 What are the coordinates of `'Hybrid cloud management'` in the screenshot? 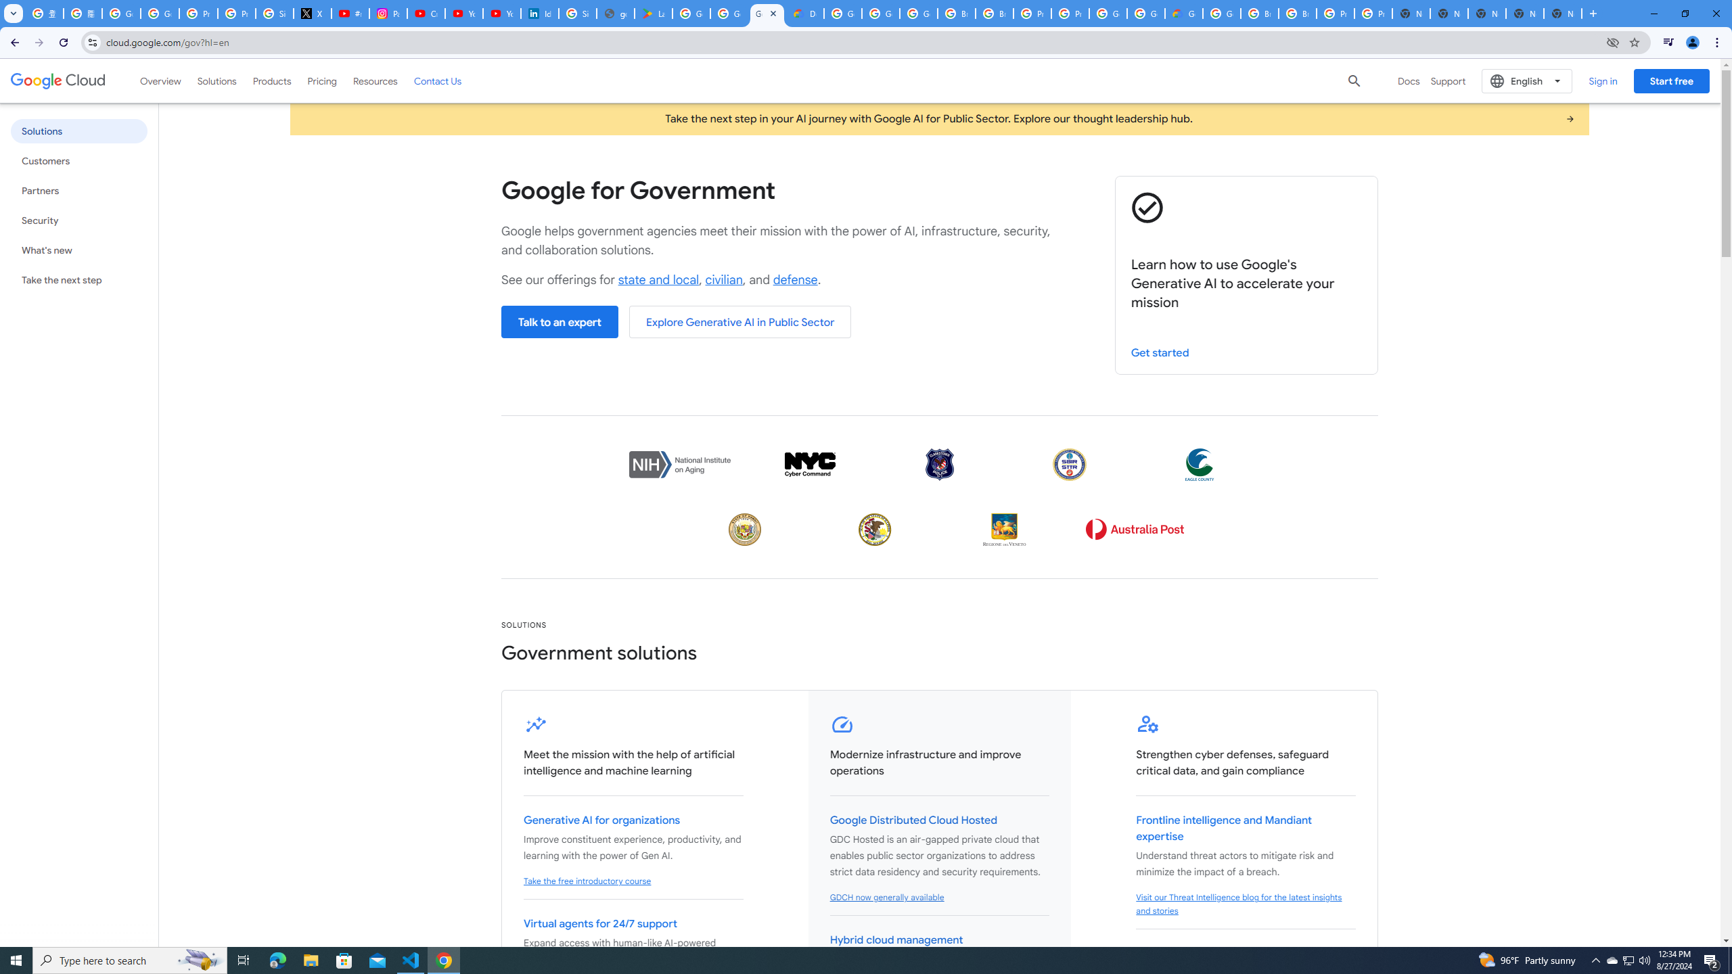 It's located at (896, 940).